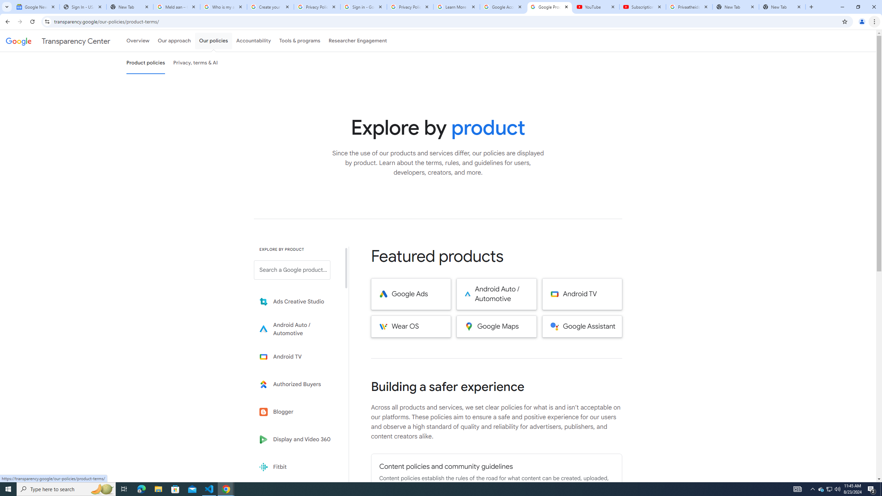  What do you see at coordinates (297, 439) in the screenshot?
I see `'Display and Video 360'` at bounding box center [297, 439].